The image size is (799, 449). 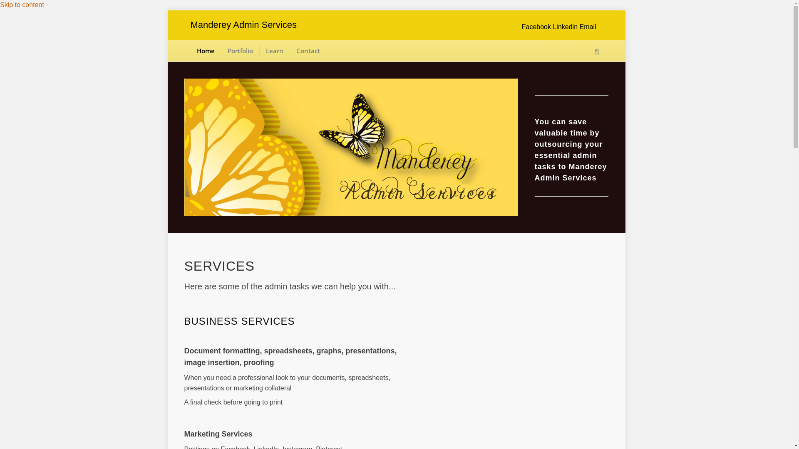 What do you see at coordinates (275, 51) in the screenshot?
I see `'Learn'` at bounding box center [275, 51].